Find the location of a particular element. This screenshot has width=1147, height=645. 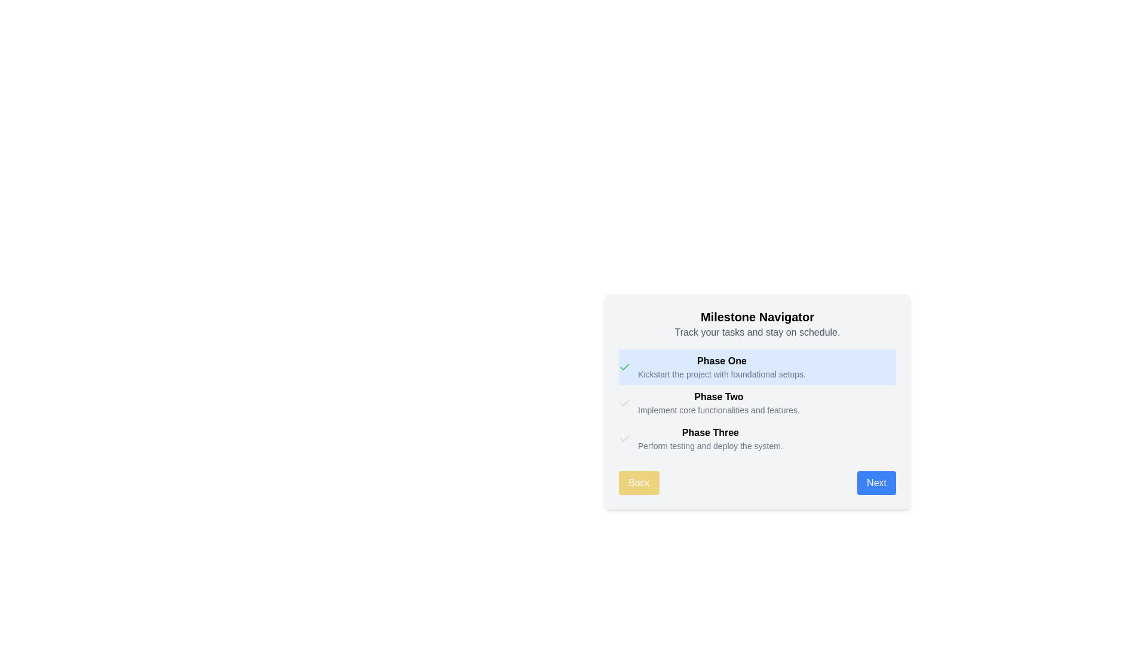

the Button Group containing 'Back' and 'Next' buttons for visual feedback is located at coordinates (756, 483).